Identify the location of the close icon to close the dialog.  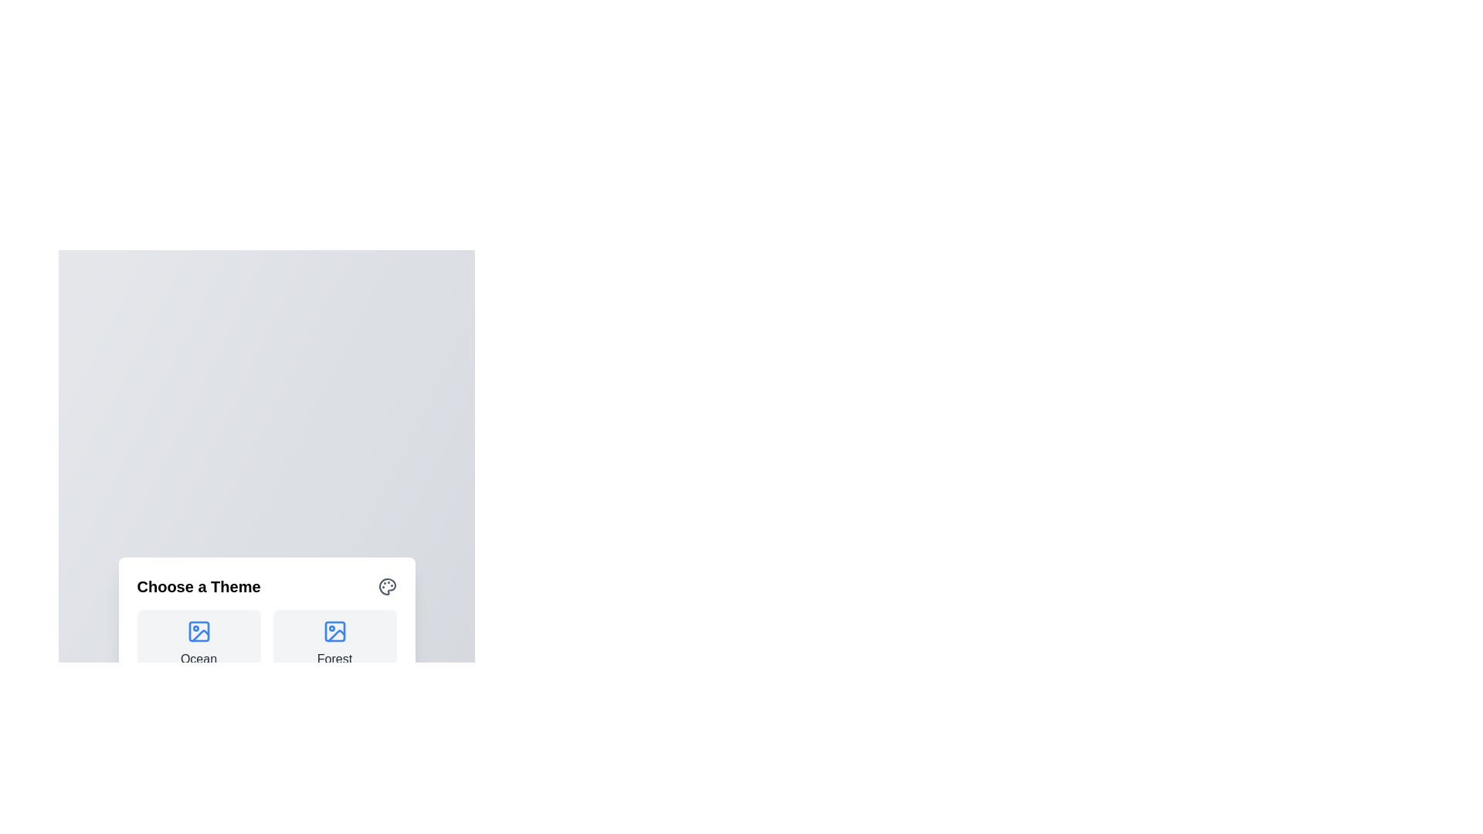
(387, 586).